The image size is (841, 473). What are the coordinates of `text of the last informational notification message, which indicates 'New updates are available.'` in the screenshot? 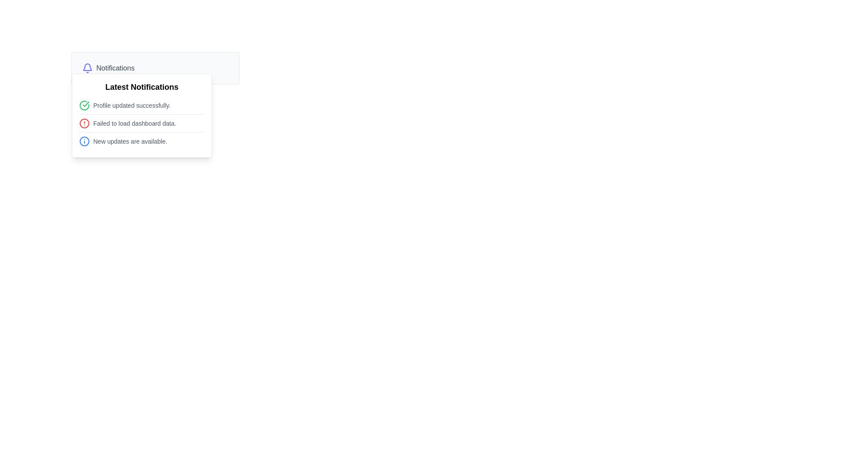 It's located at (142, 140).